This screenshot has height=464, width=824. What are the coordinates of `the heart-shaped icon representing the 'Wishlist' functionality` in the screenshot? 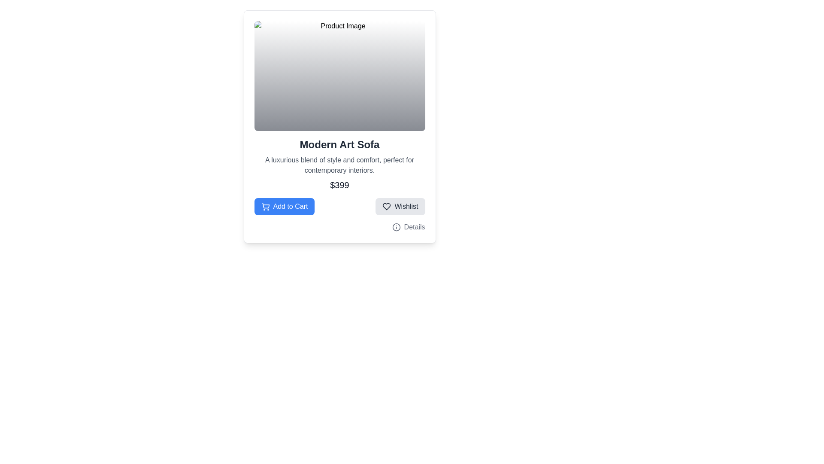 It's located at (386, 207).